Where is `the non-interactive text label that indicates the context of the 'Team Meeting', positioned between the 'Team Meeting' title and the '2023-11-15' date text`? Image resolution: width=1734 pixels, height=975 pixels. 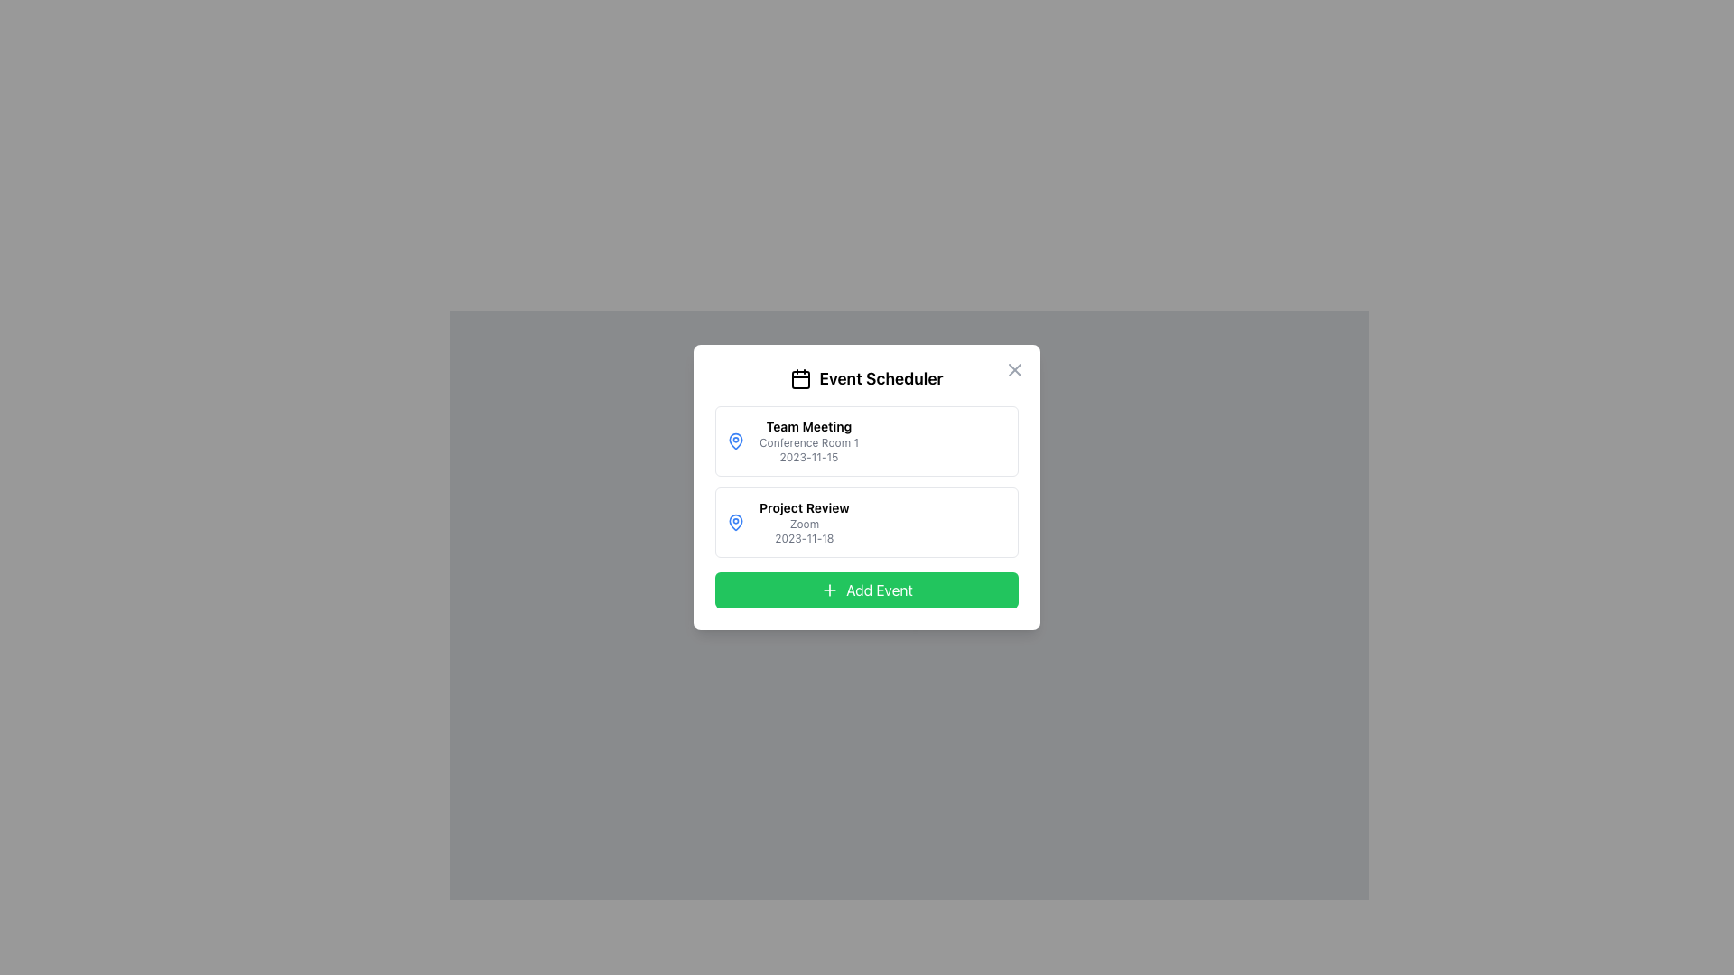
the non-interactive text label that indicates the context of the 'Team Meeting', positioned between the 'Team Meeting' title and the '2023-11-15' date text is located at coordinates (808, 442).